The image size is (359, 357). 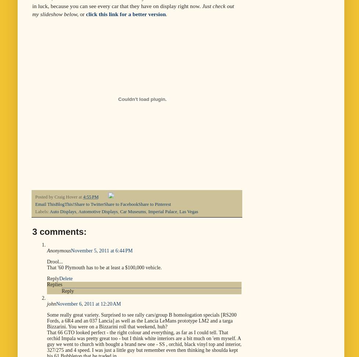 What do you see at coordinates (47, 303) in the screenshot?
I see `'john'` at bounding box center [47, 303].